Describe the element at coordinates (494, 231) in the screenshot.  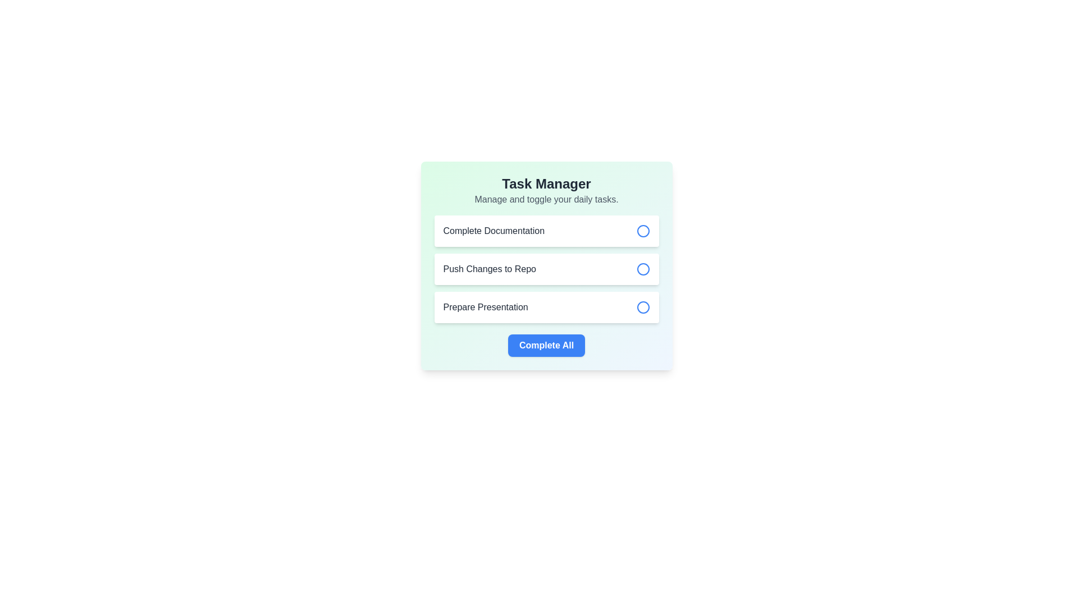
I see `the text label displaying 'Complete Documentation' which is styled in dark gray within a white card in the task list interface` at that location.